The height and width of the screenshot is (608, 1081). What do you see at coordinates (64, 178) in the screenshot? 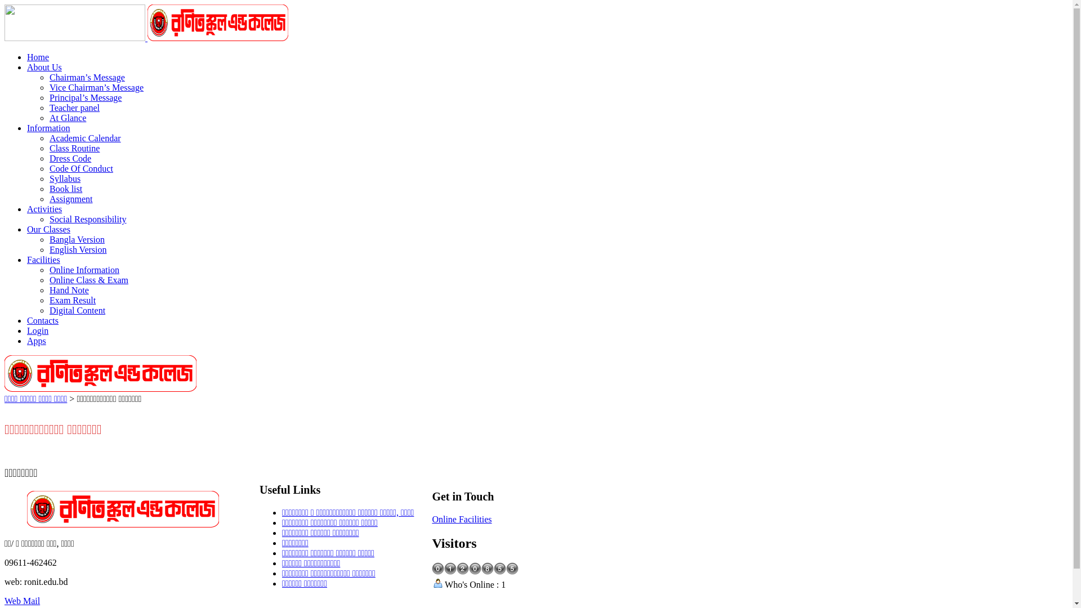
I see `'Syllabus'` at bounding box center [64, 178].